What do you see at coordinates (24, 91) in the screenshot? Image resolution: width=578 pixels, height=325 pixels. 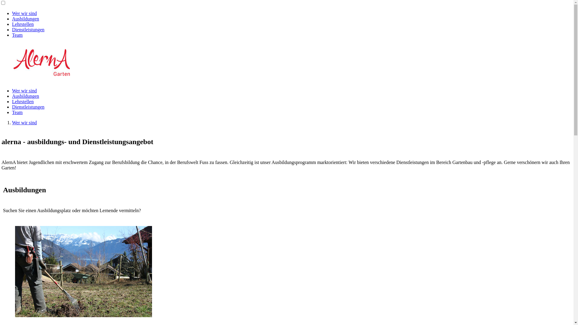 I see `'Wer wir sind'` at bounding box center [24, 91].